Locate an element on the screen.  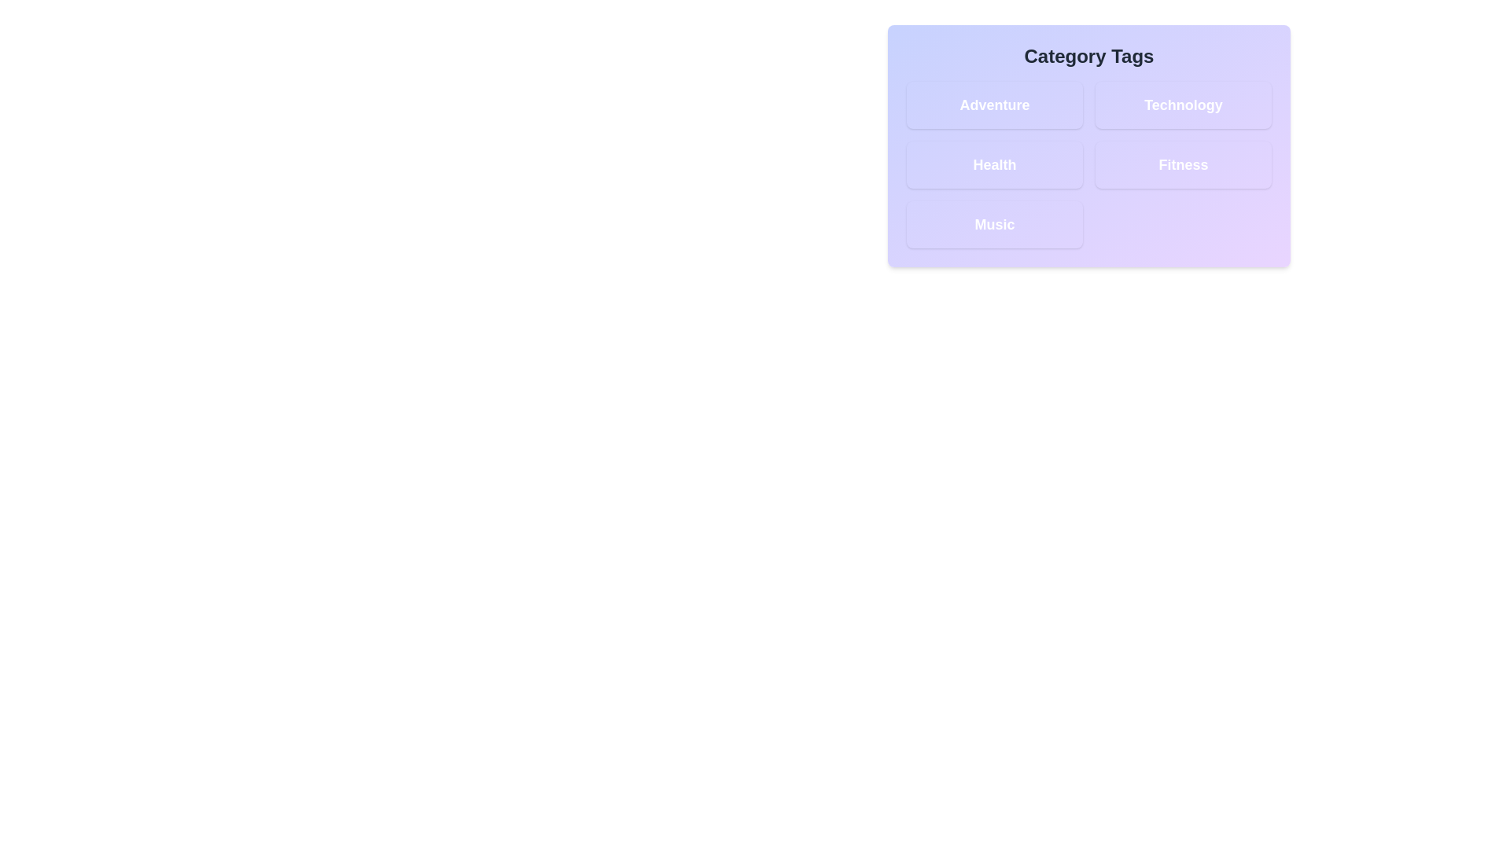
the tag labeled Technology to toggle its active state is located at coordinates (1184, 105).